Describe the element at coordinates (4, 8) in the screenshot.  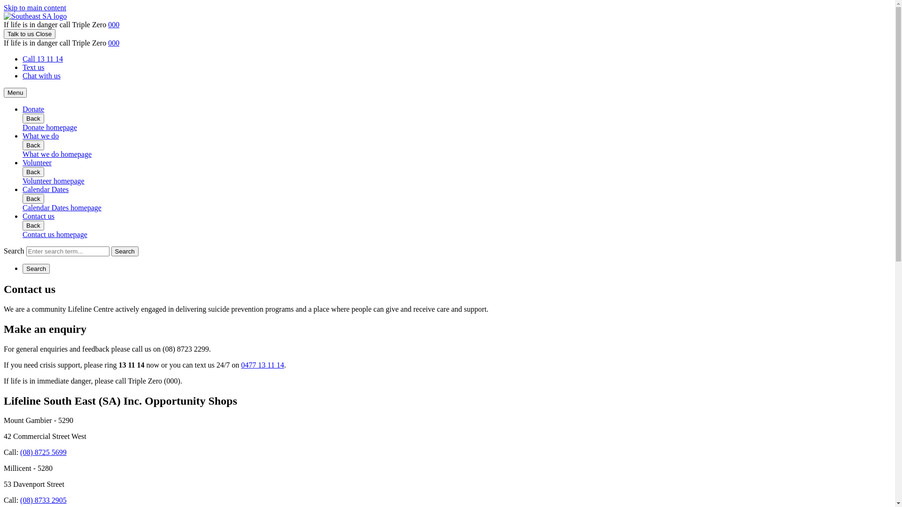
I see `'Skip to main content'` at that location.